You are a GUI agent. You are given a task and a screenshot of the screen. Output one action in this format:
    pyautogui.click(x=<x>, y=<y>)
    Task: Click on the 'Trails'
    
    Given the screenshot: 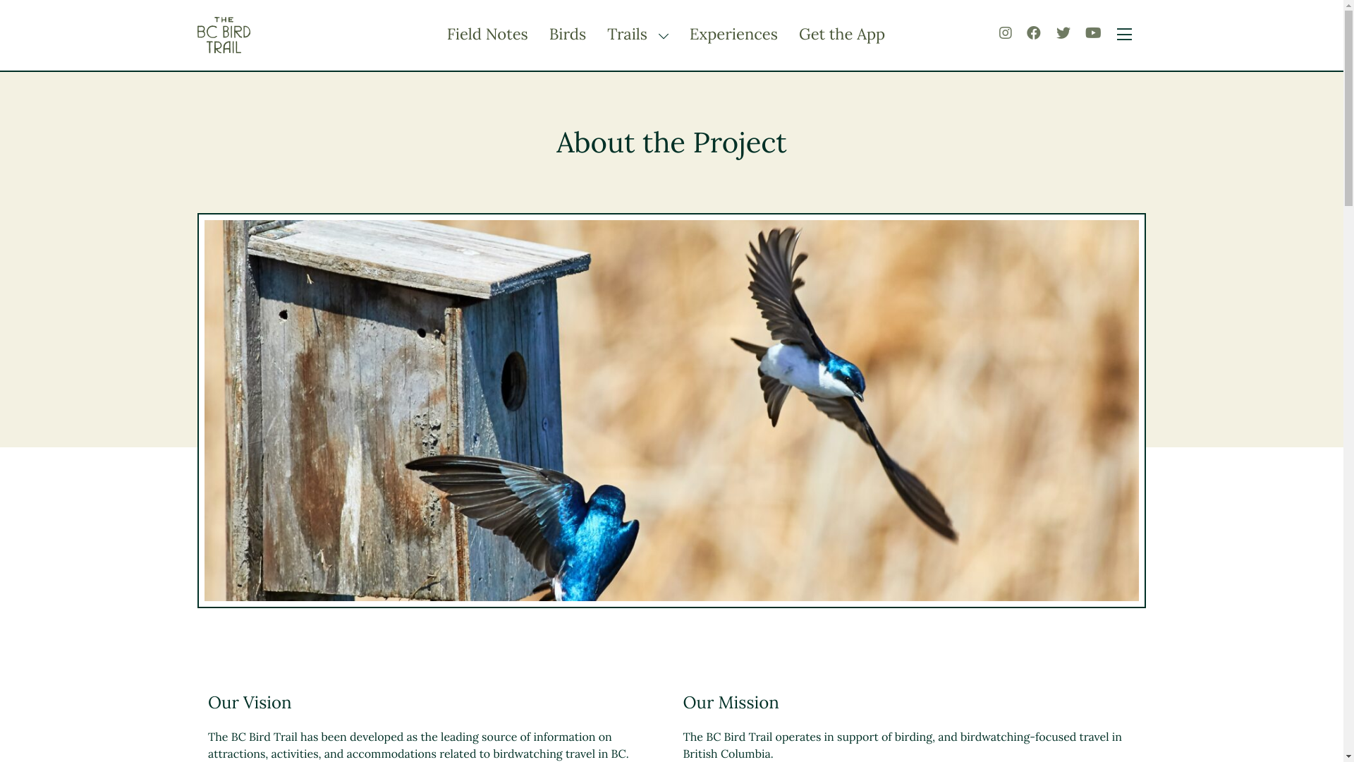 What is the action you would take?
    pyautogui.click(x=628, y=34)
    